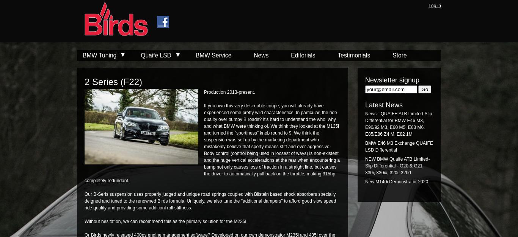  I want to click on 'NEW BMW Quaife ATB Limited-Slip Differential - G20 & G21 330i, 330ix, 320i, 320d', so click(365, 166).